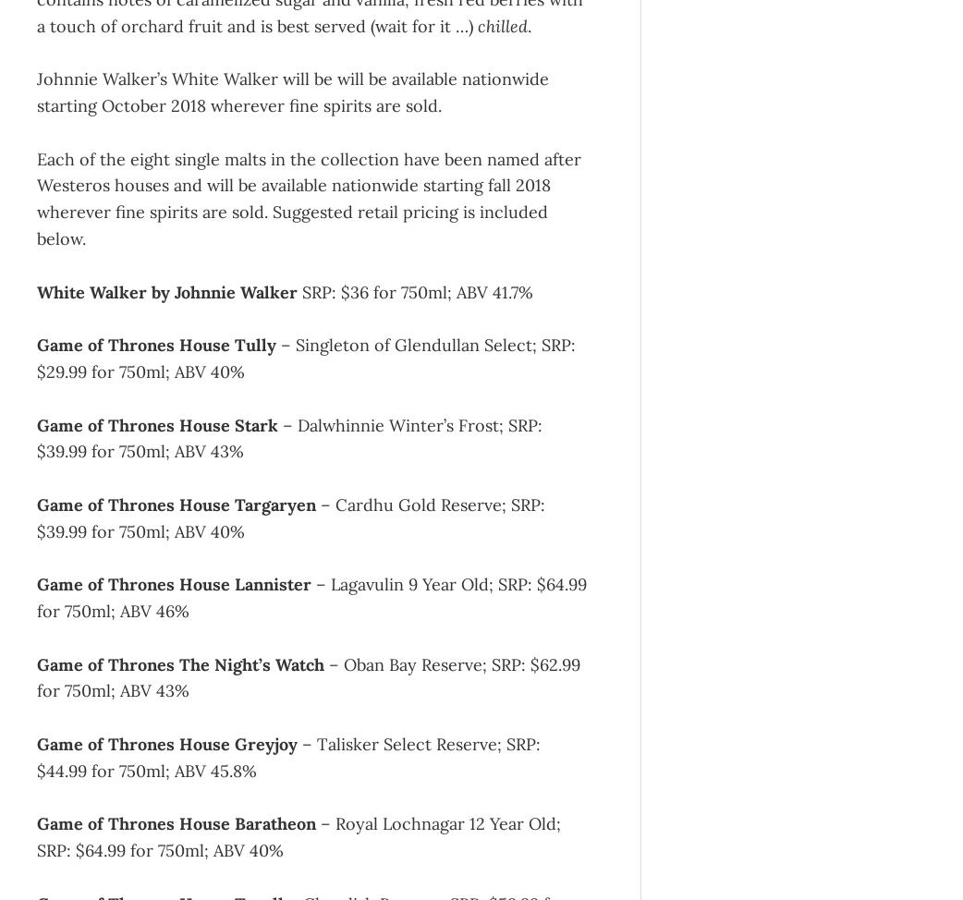 The image size is (963, 900). I want to click on 'Game of Thrones House Baratheon', so click(175, 823).